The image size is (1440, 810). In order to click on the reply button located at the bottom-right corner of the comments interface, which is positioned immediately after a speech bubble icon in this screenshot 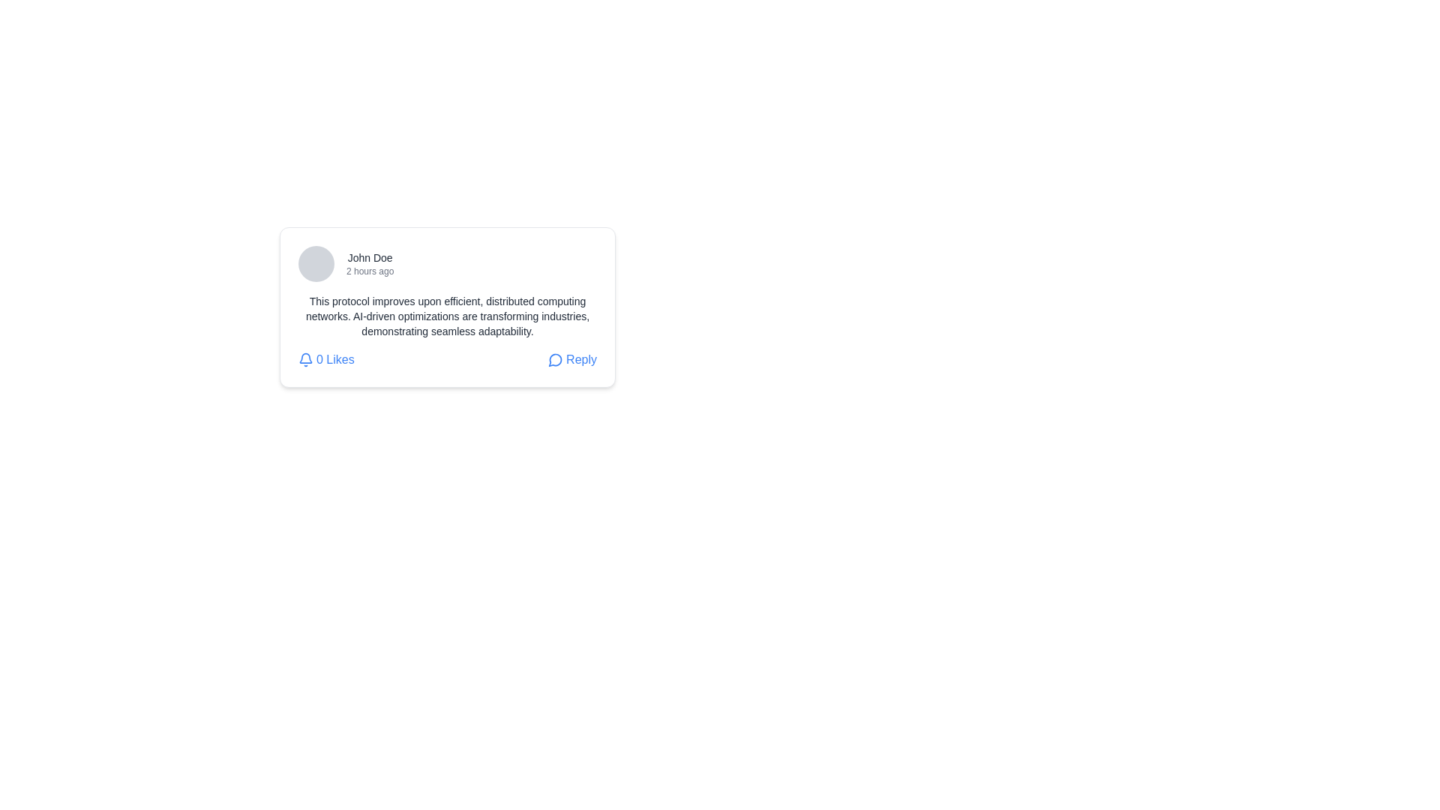, I will do `click(580, 359)`.